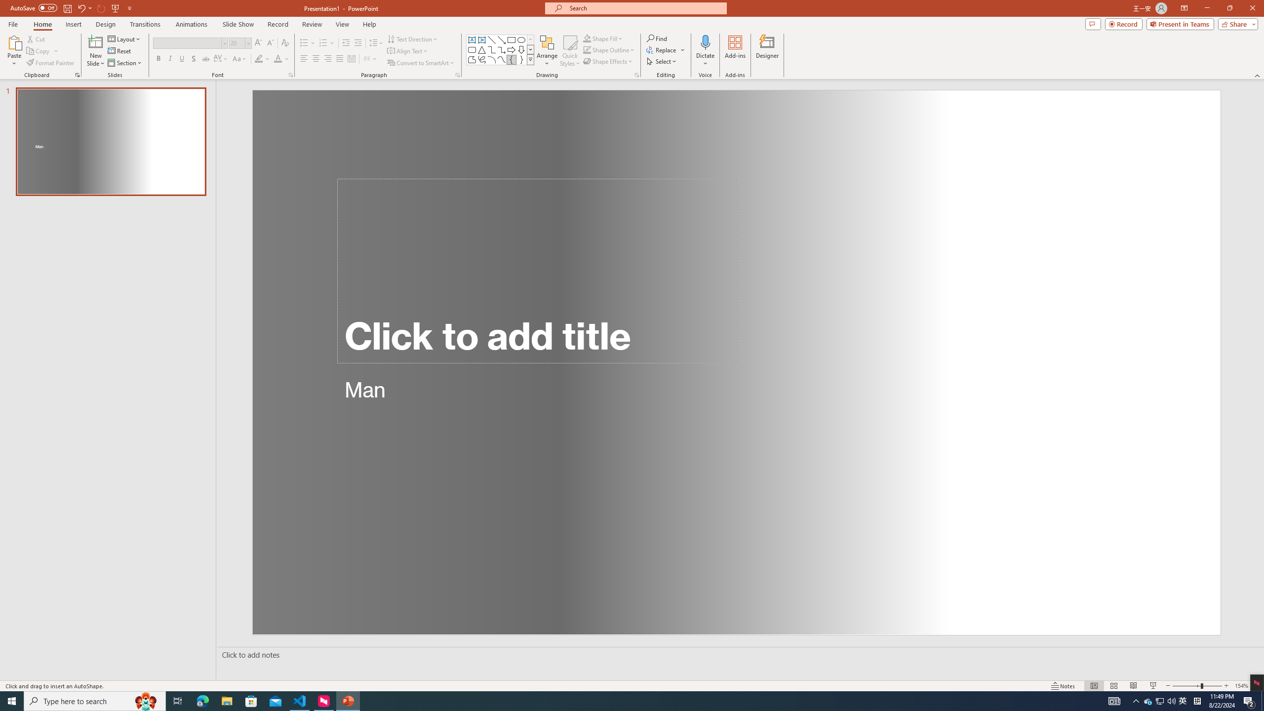 Image resolution: width=1264 pixels, height=711 pixels. I want to click on 'Increase Font Size', so click(258, 43).